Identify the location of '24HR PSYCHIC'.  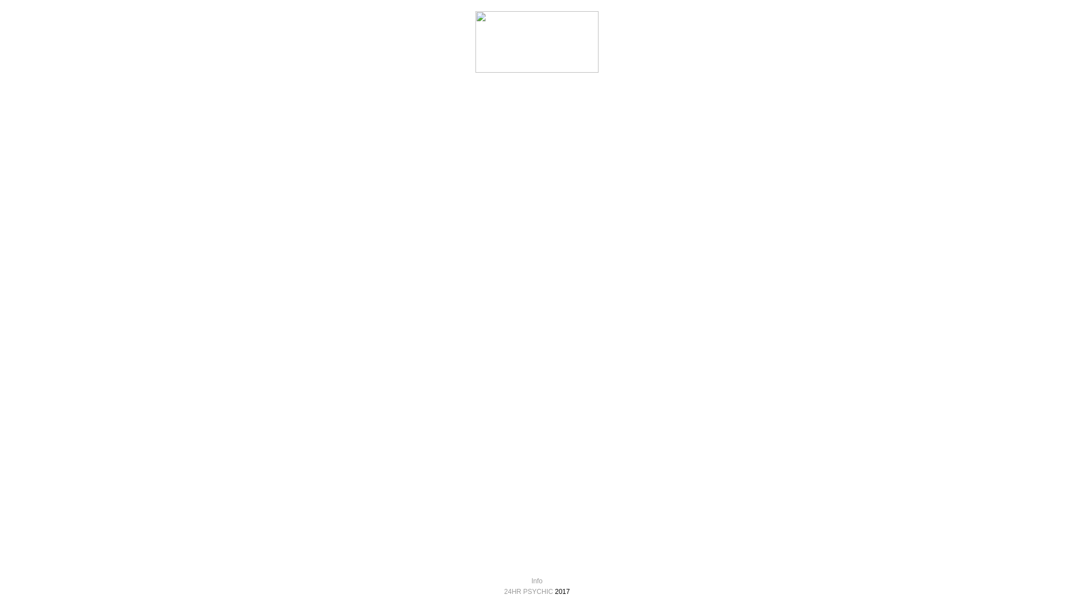
(527, 591).